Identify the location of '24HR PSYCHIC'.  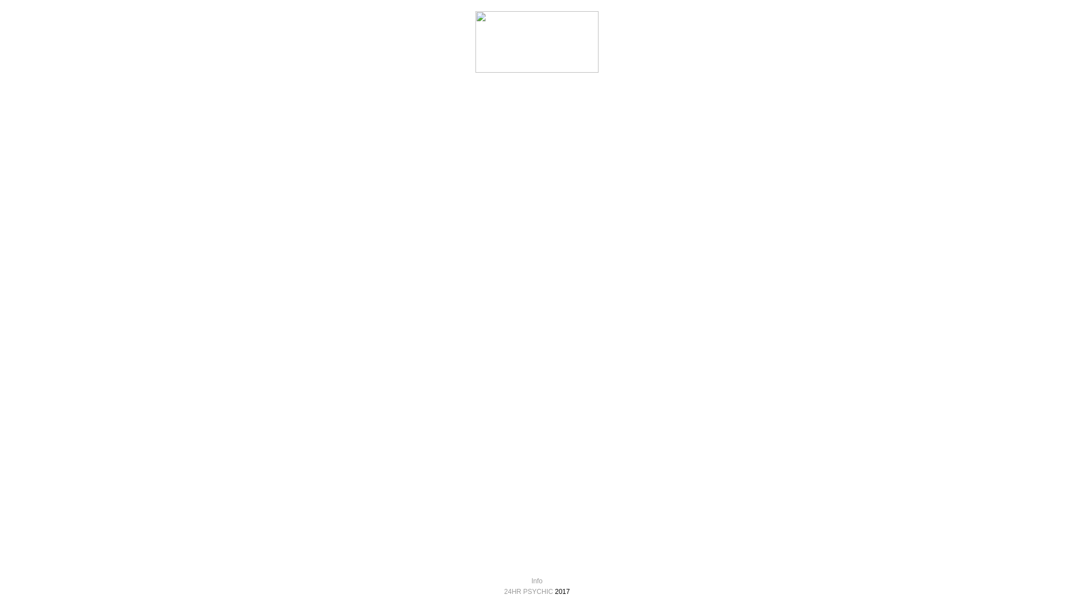
(527, 591).